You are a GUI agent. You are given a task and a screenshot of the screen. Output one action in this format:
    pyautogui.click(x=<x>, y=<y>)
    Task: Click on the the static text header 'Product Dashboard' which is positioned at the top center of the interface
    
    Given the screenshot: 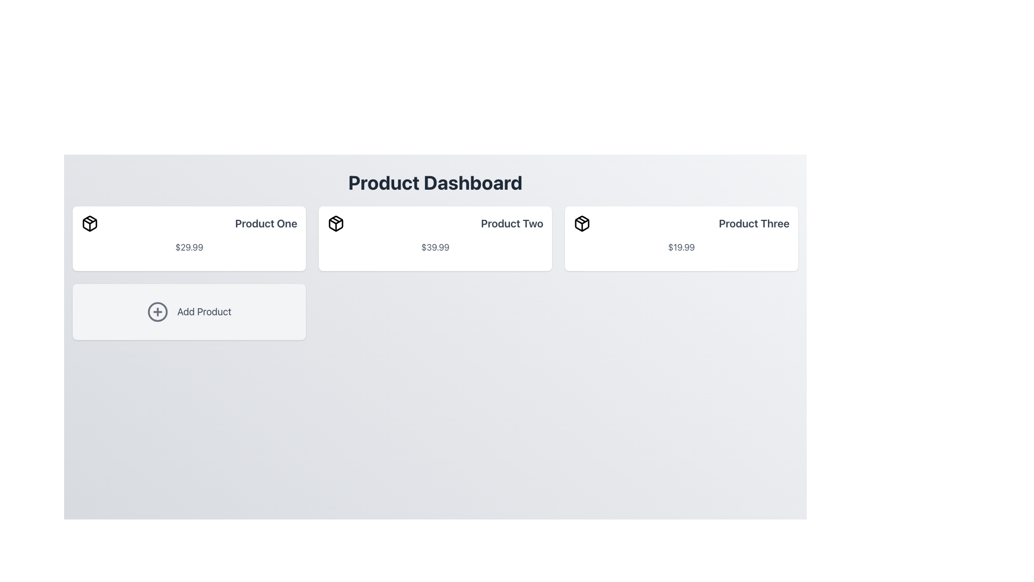 What is the action you would take?
    pyautogui.click(x=435, y=182)
    